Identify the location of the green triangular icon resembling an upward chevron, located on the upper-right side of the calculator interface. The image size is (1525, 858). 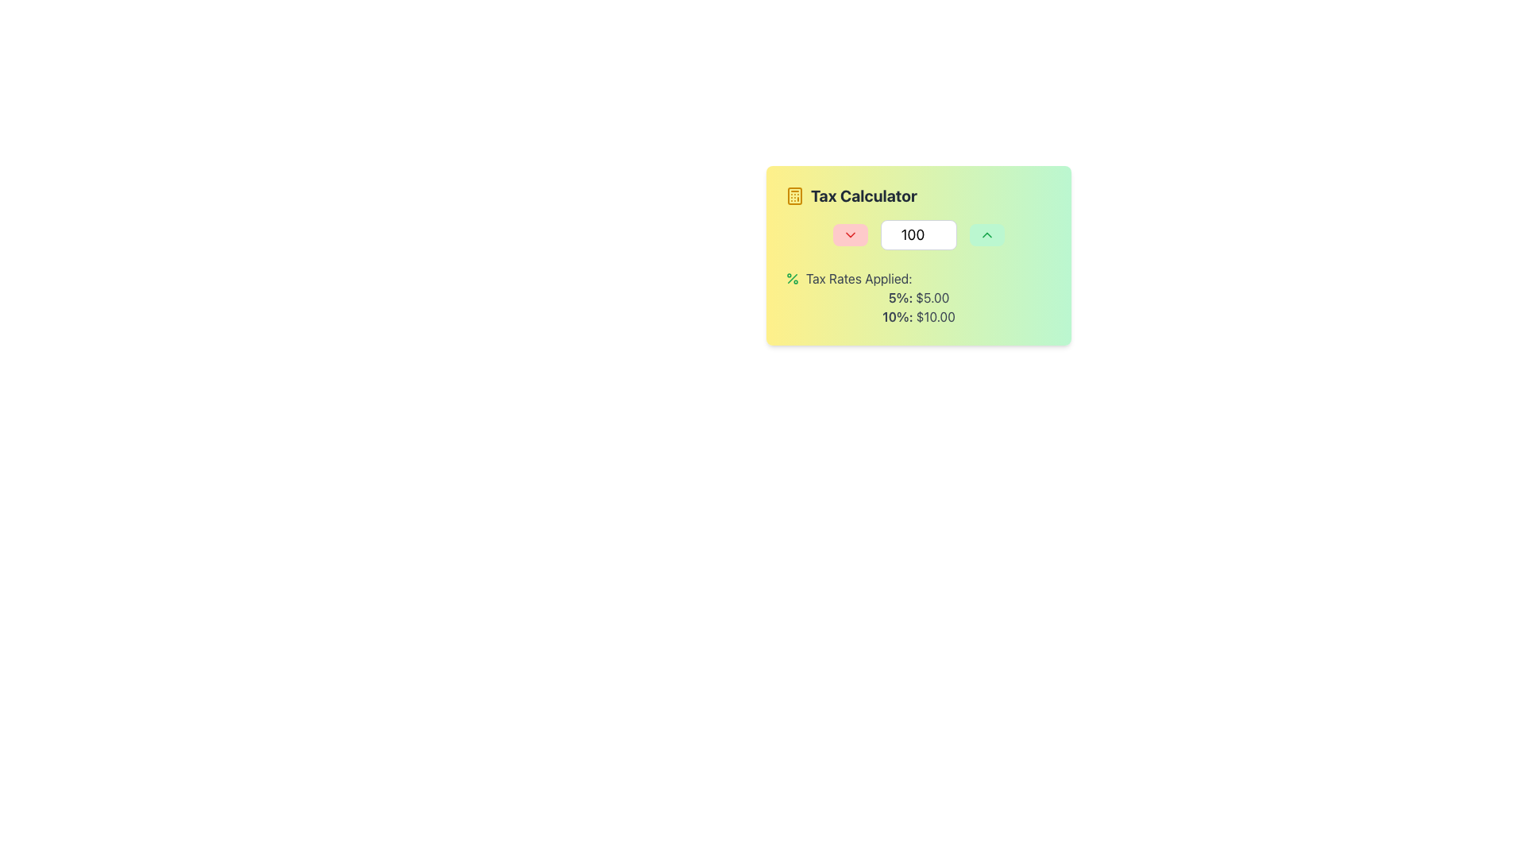
(986, 235).